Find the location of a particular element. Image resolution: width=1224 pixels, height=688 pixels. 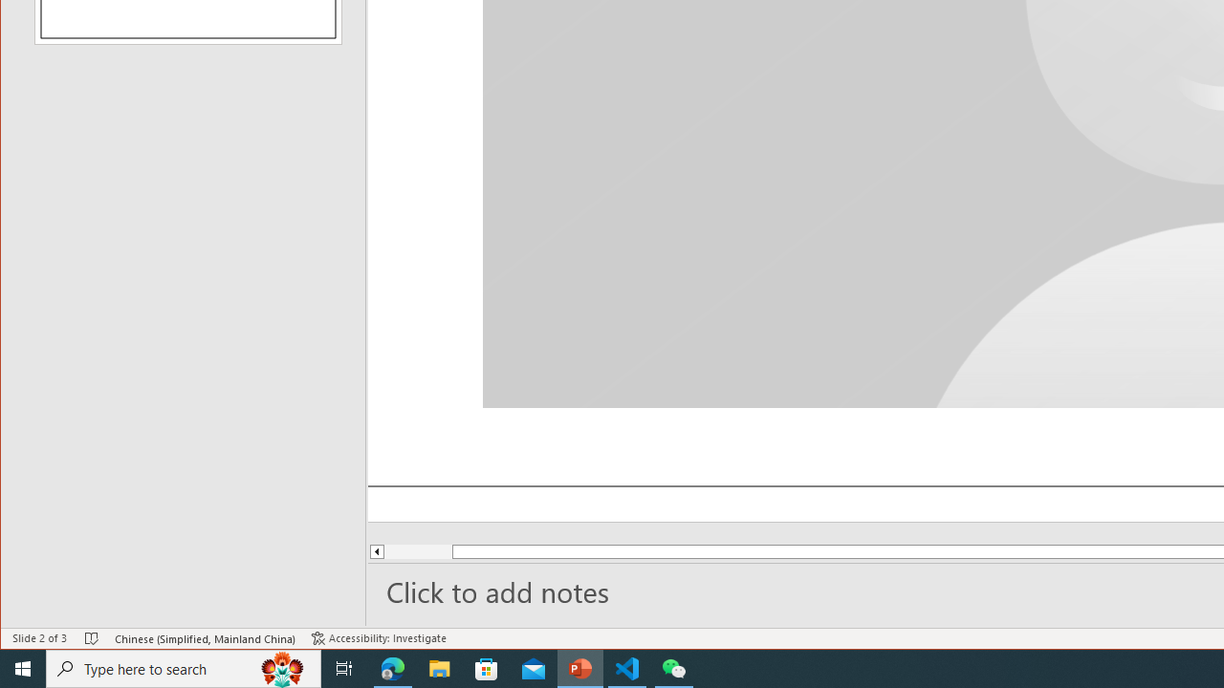

'WeChat - 1 running window' is located at coordinates (674, 667).